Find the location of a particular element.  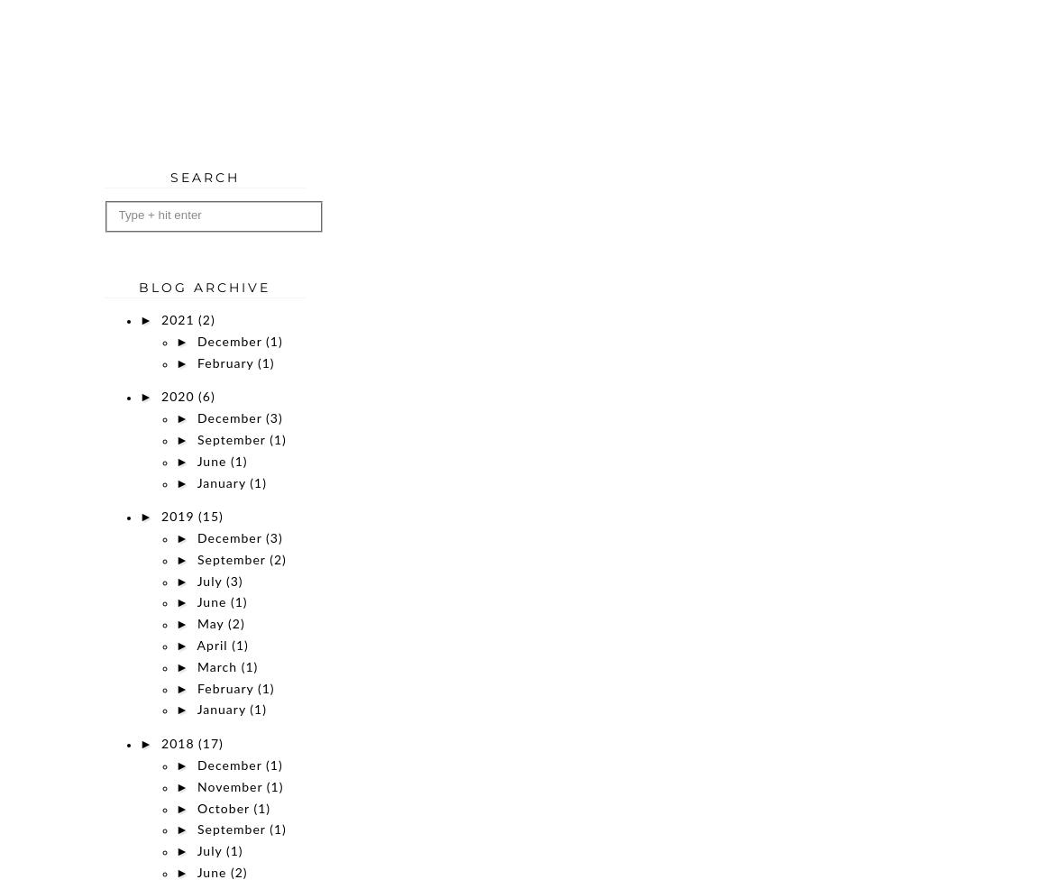

'Search' is located at coordinates (204, 177).